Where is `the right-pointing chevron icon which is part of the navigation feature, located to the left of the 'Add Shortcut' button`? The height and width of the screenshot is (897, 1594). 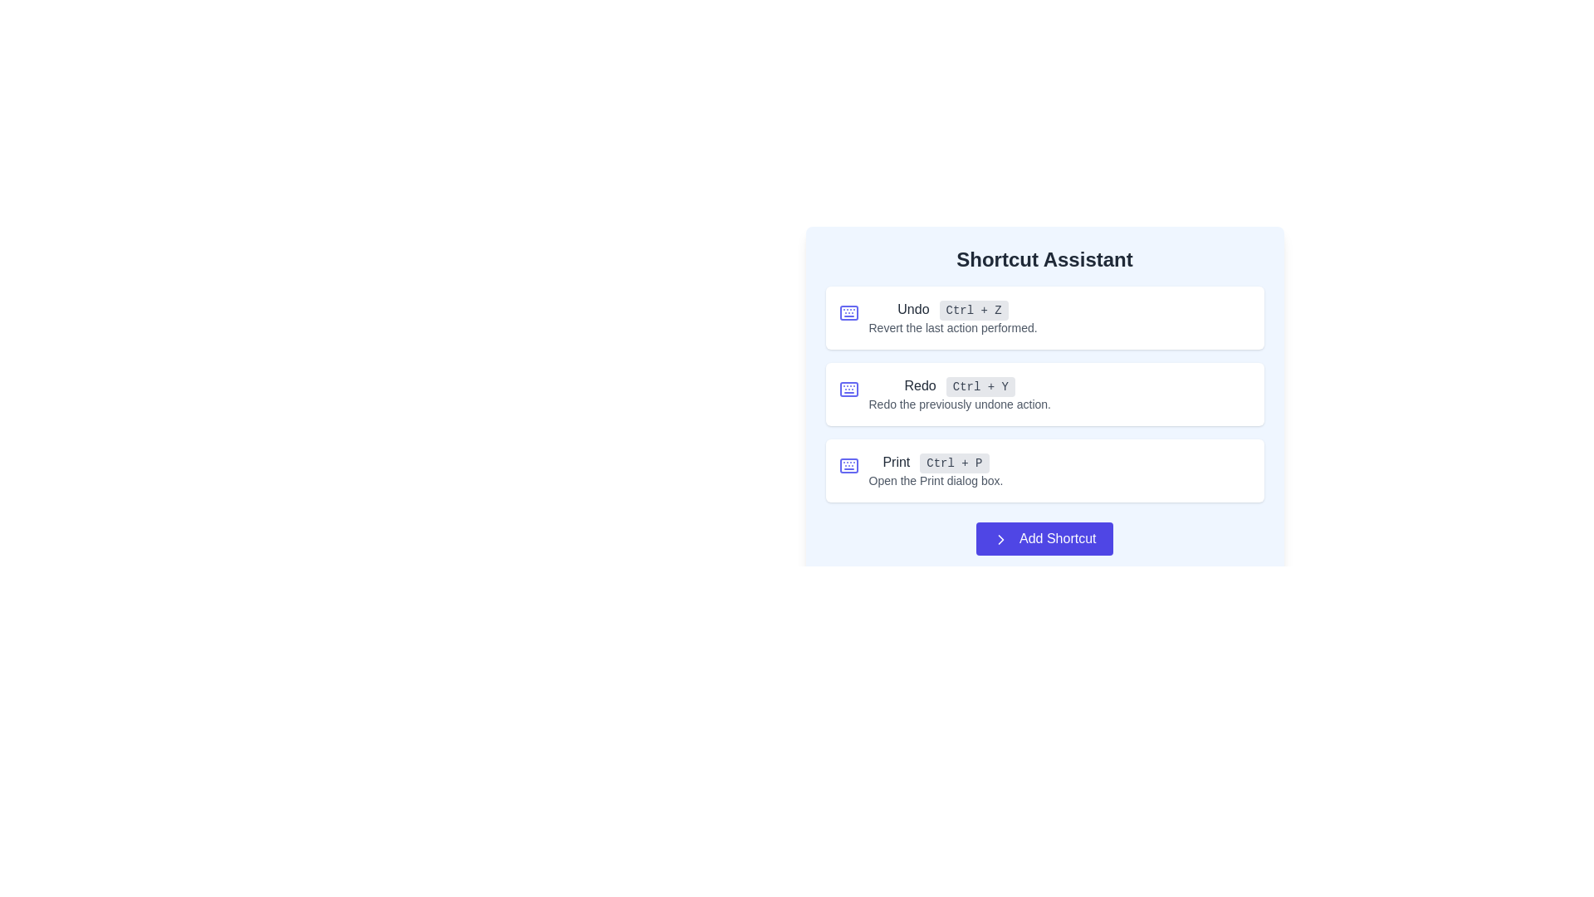 the right-pointing chevron icon which is part of the navigation feature, located to the left of the 'Add Shortcut' button is located at coordinates (1000, 539).